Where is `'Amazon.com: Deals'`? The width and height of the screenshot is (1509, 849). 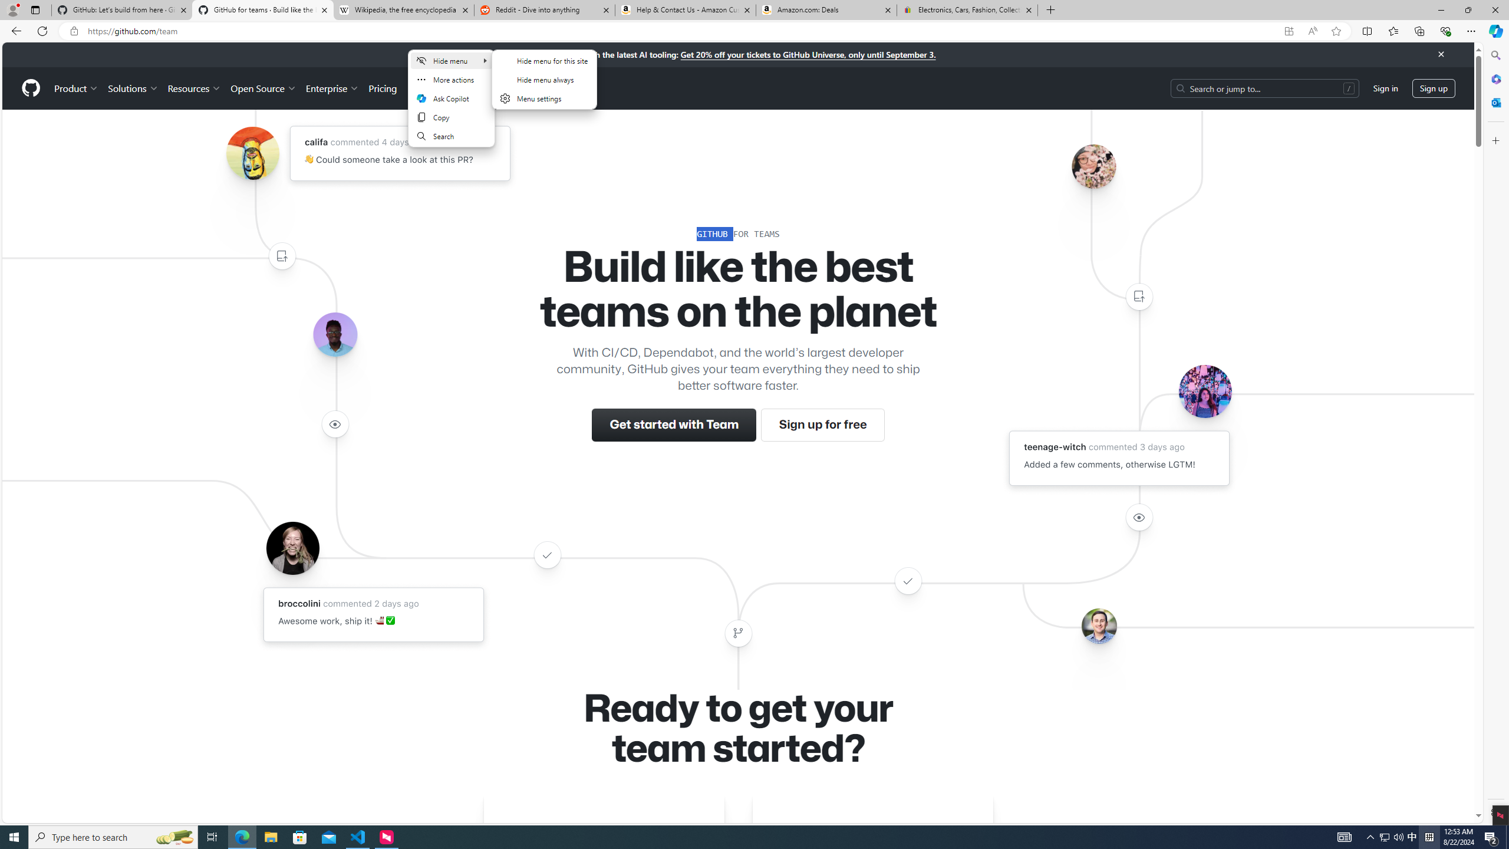 'Amazon.com: Deals' is located at coordinates (826, 9).